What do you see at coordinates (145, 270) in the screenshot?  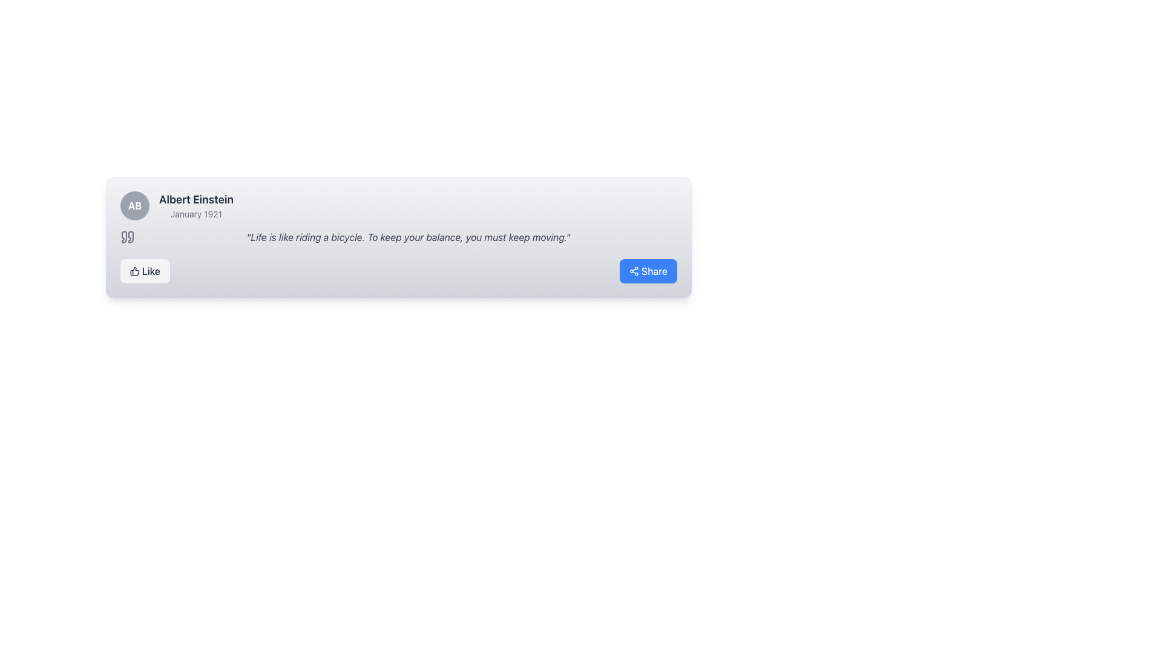 I see `the 'Like' button with a gray background that changes to a lighter gray when hovered, which is located at the bottom left of the card adjacent to the 'Share' button` at bounding box center [145, 270].